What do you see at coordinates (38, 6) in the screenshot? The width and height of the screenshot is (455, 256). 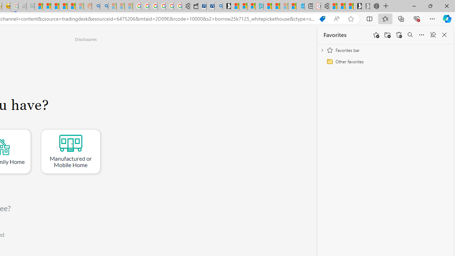 I see `'MSNBC - MSN'` at bounding box center [38, 6].